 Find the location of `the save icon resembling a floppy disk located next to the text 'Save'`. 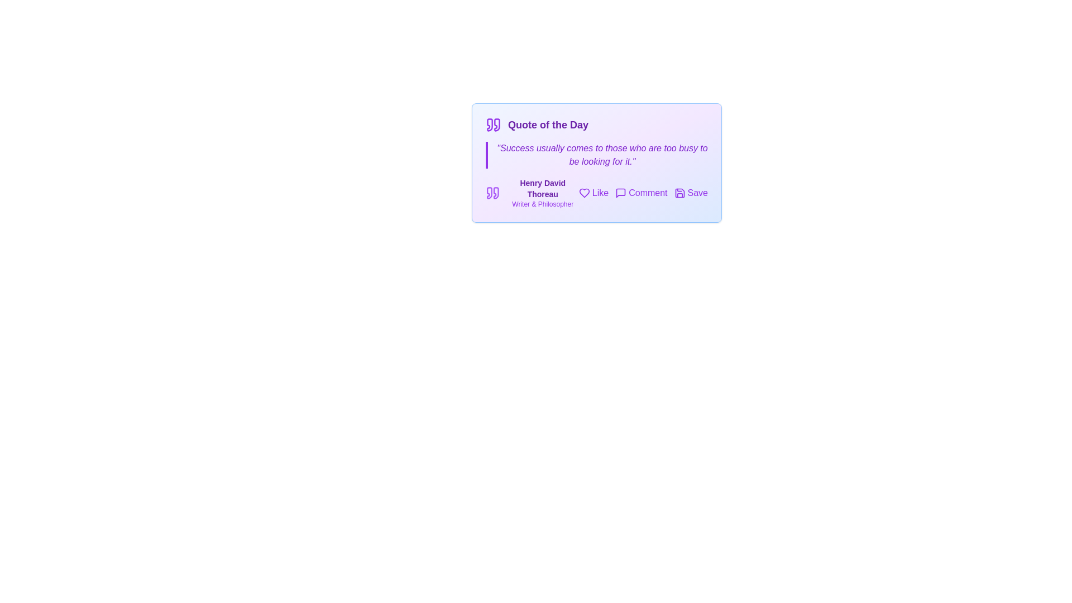

the save icon resembling a floppy disk located next to the text 'Save' is located at coordinates (679, 193).